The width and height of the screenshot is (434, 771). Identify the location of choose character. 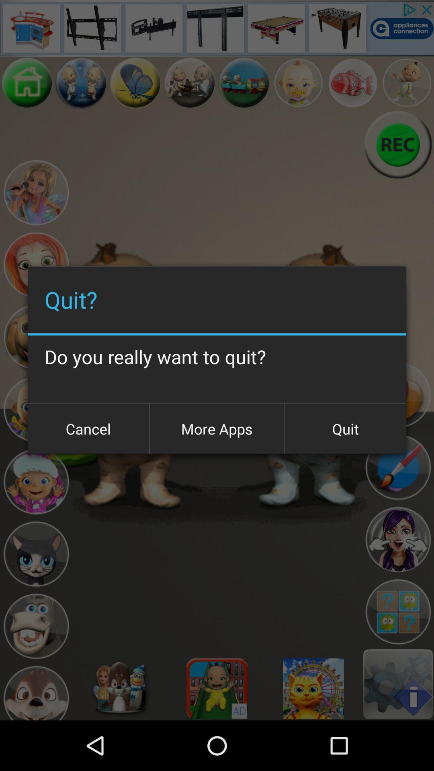
(35, 193).